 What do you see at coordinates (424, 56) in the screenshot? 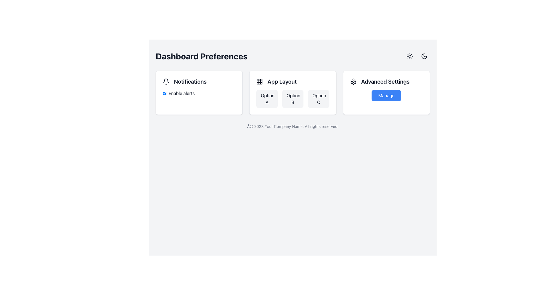
I see `the small moon-shaped Icon Button located in the top-right corner of the interface` at bounding box center [424, 56].